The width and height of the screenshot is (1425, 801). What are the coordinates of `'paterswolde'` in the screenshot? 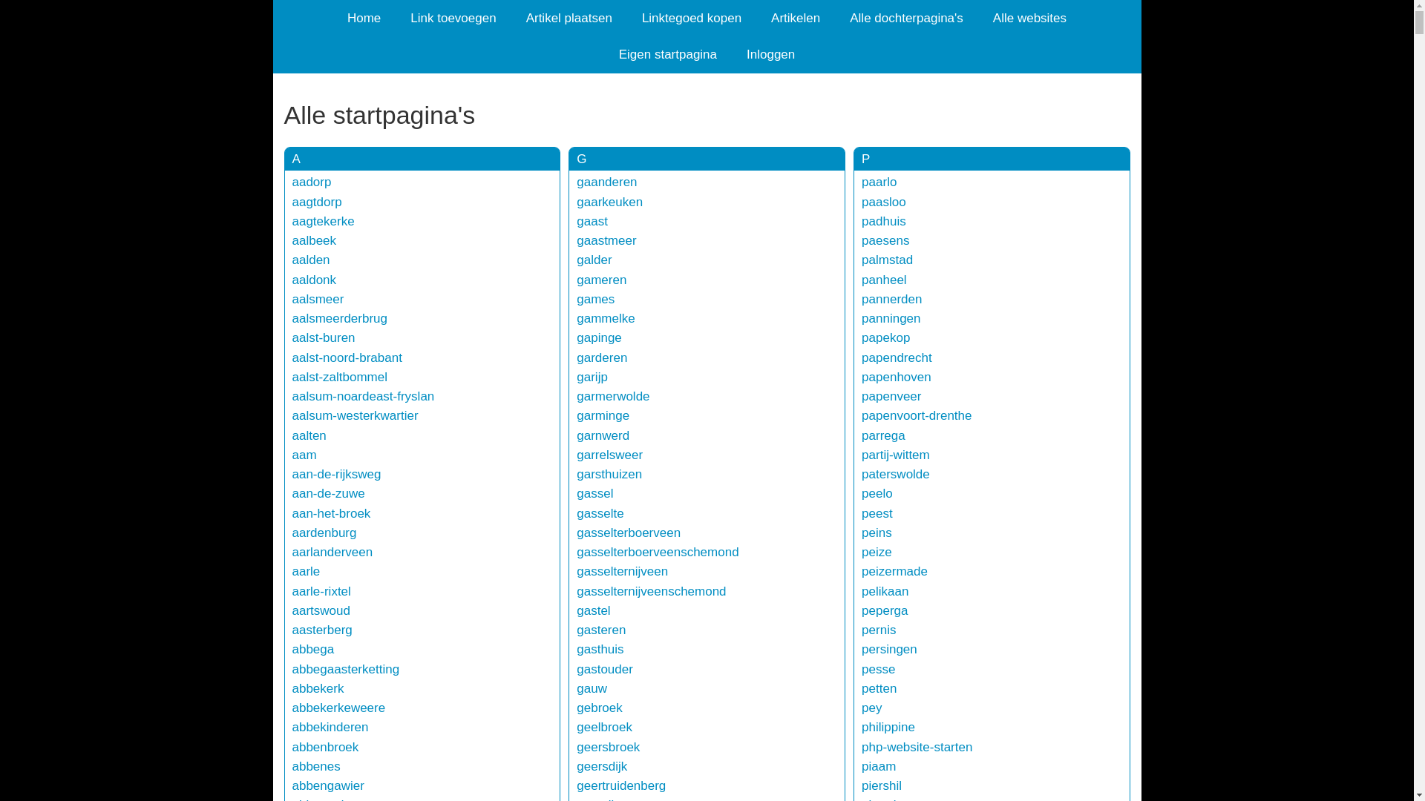 It's located at (894, 474).